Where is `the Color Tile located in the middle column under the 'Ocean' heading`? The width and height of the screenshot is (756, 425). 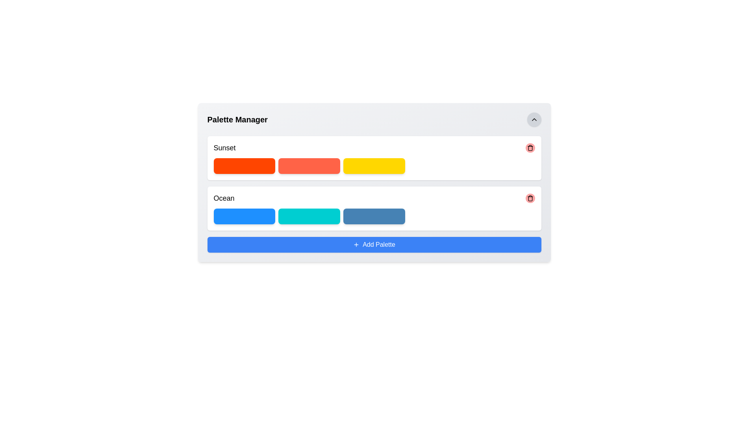 the Color Tile located in the middle column under the 'Ocean' heading is located at coordinates (309, 216).